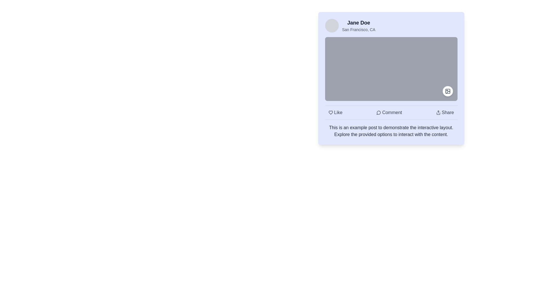 This screenshot has width=548, height=308. What do you see at coordinates (389, 112) in the screenshot?
I see `the commenting button located between the 'Like' button and the 'Share' button in the button array below the post content area` at bounding box center [389, 112].